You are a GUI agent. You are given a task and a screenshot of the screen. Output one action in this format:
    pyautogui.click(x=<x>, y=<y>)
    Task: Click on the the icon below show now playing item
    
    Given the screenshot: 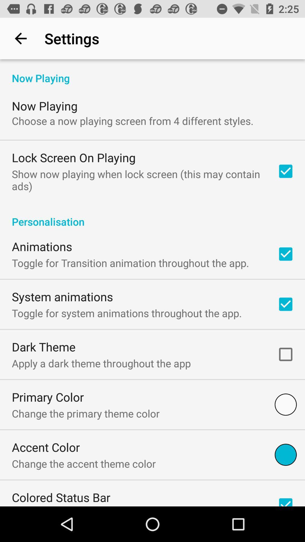 What is the action you would take?
    pyautogui.click(x=152, y=215)
    